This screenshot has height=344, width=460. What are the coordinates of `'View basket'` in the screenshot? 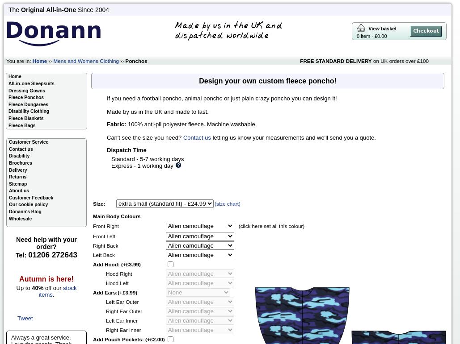 It's located at (380, 28).